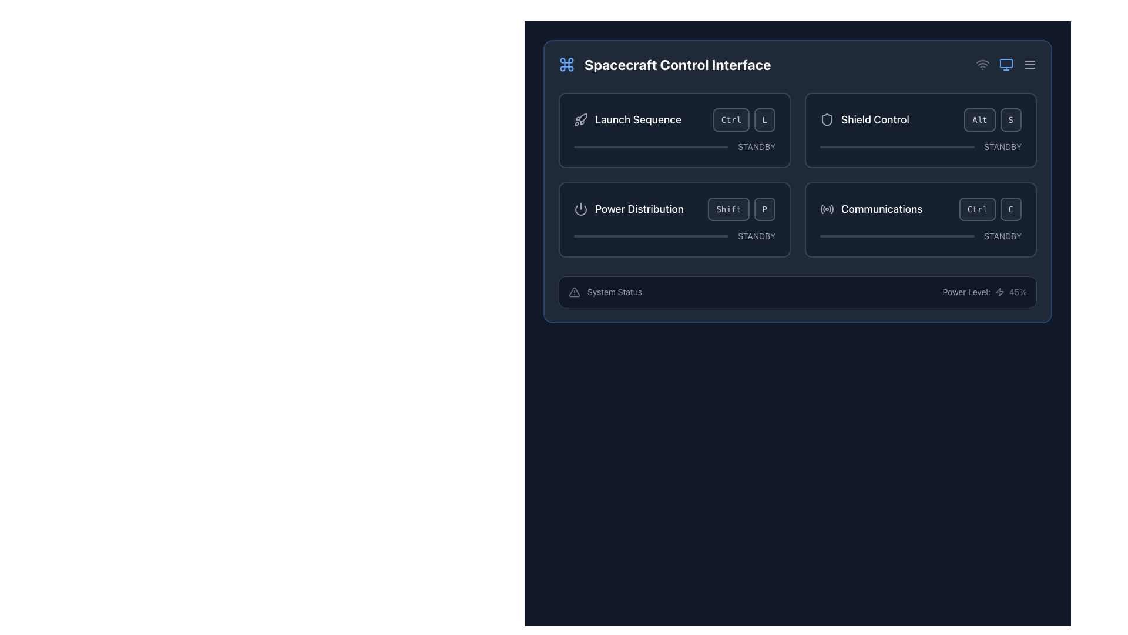 This screenshot has height=635, width=1128. What do you see at coordinates (882, 208) in the screenshot?
I see `the 'Communications' label which indicates the functionality within the interface` at bounding box center [882, 208].